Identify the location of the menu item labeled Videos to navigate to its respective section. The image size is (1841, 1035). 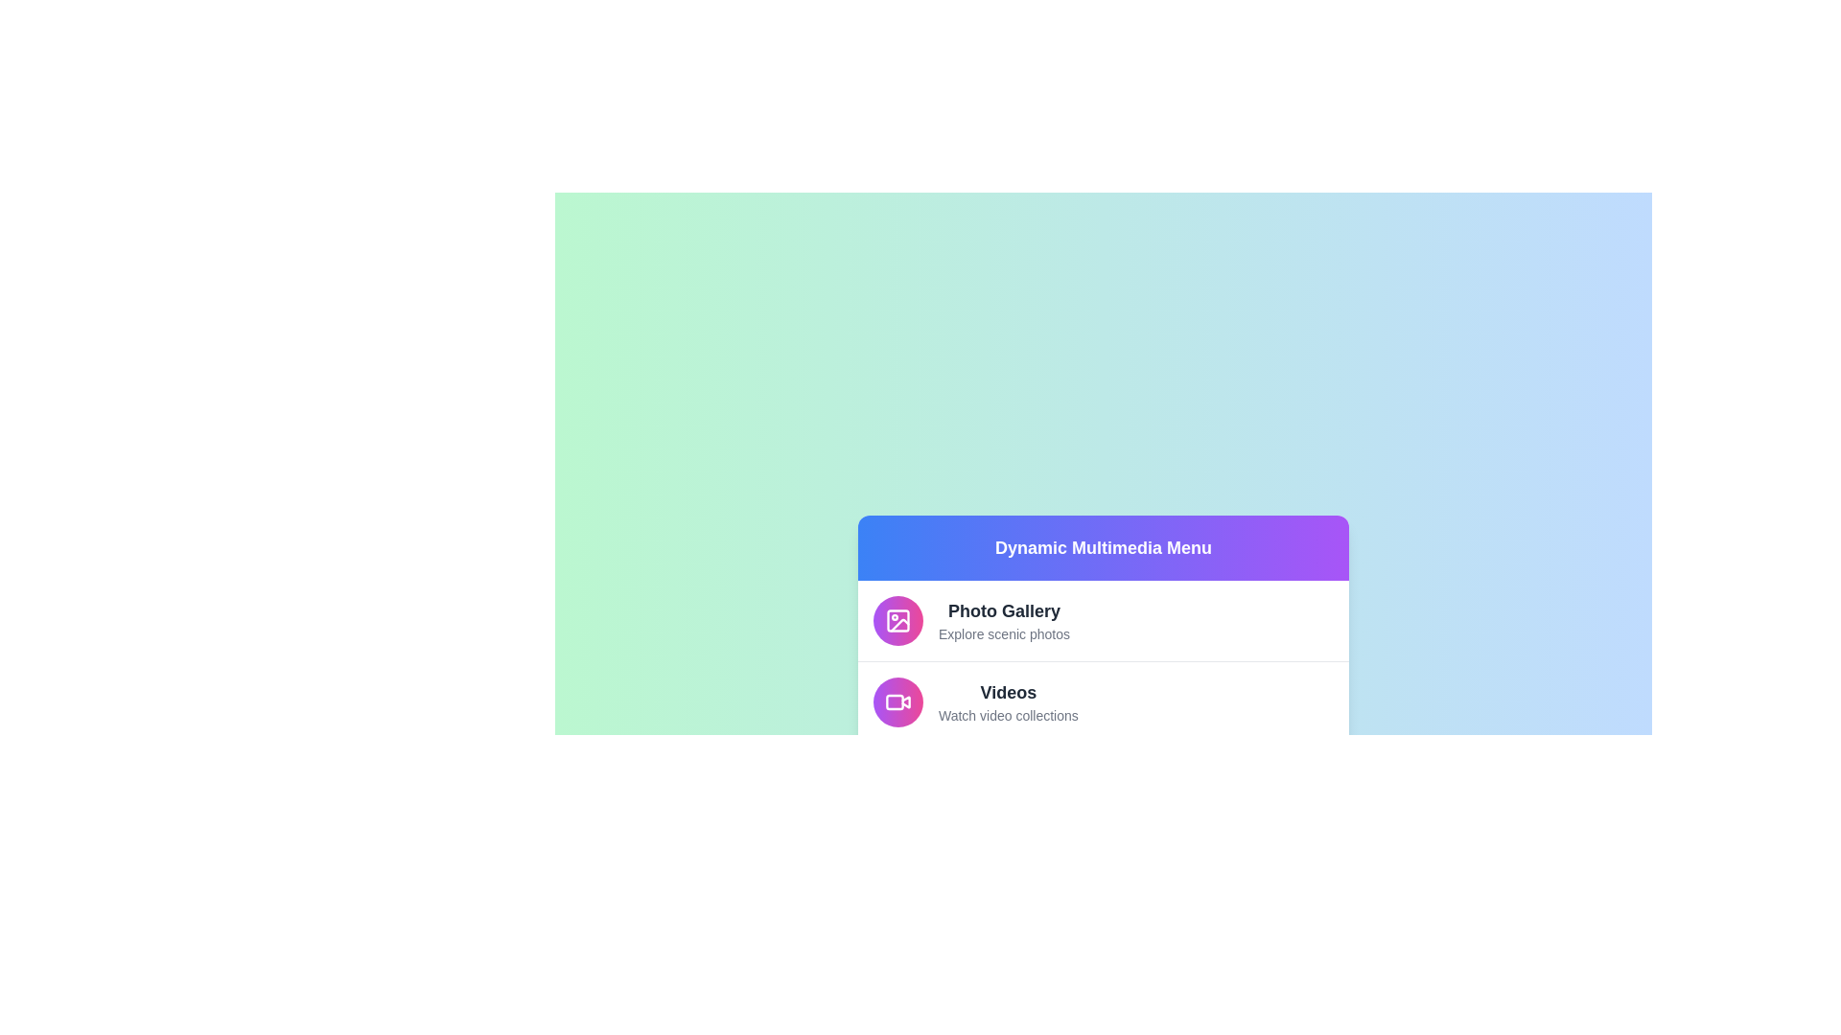
(1104, 701).